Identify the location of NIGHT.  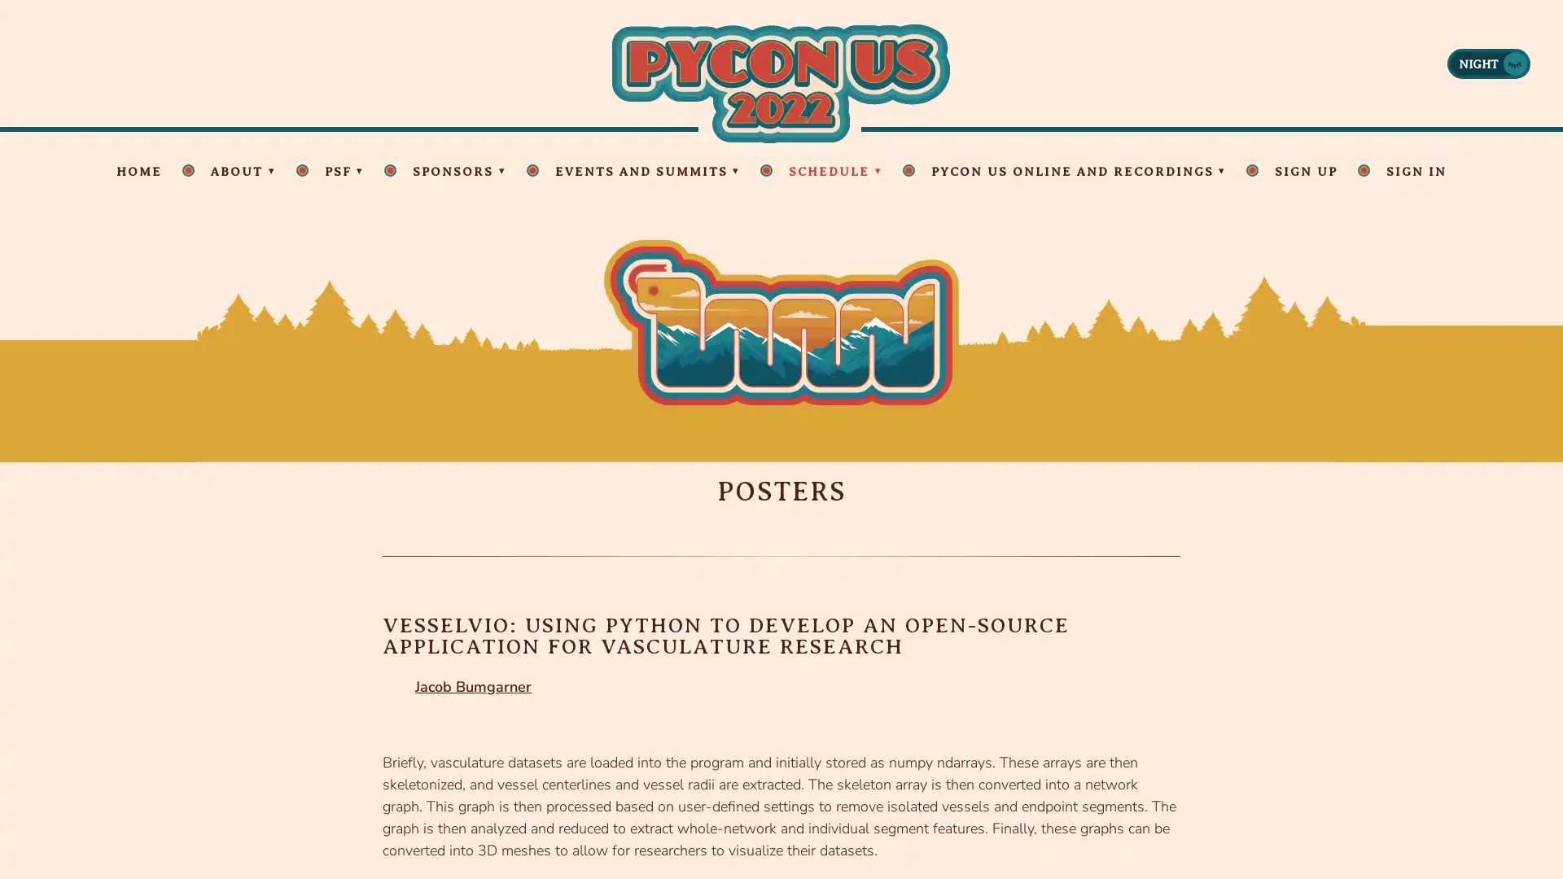
(1488, 62).